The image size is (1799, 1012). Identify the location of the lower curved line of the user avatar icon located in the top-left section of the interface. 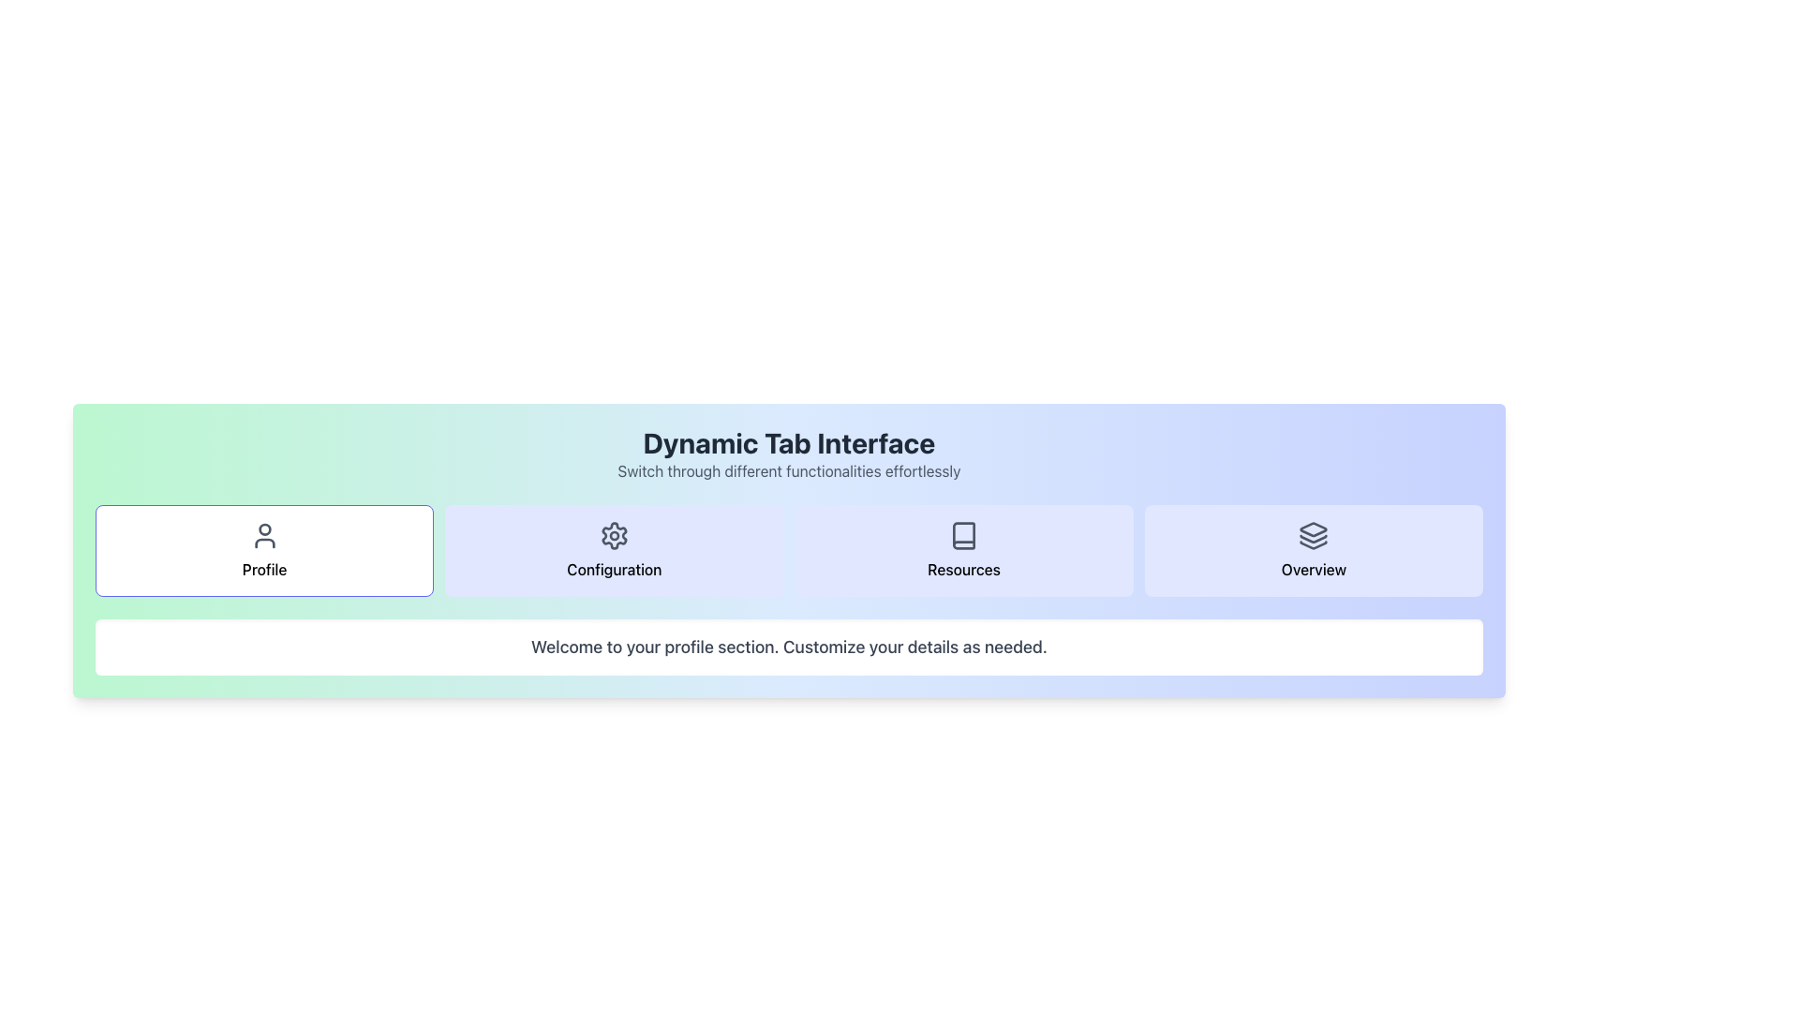
(263, 543).